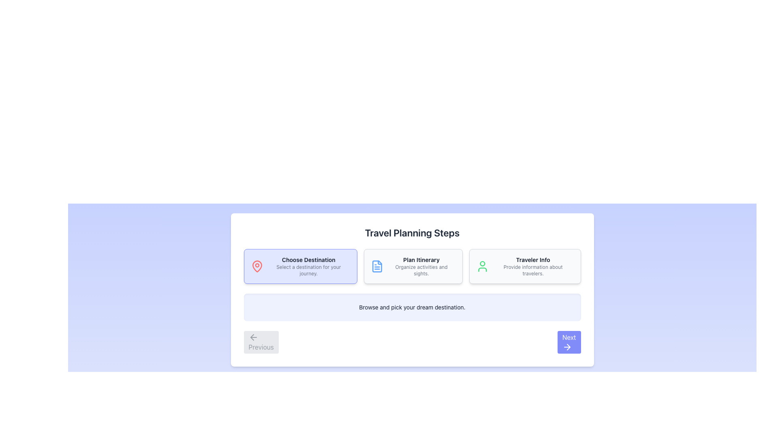 The image size is (778, 438). I want to click on header text label located on the top-left quadrant of the first card in the 'Travel Planning Steps' section, which summarizes the card's content and purpose, so click(308, 260).